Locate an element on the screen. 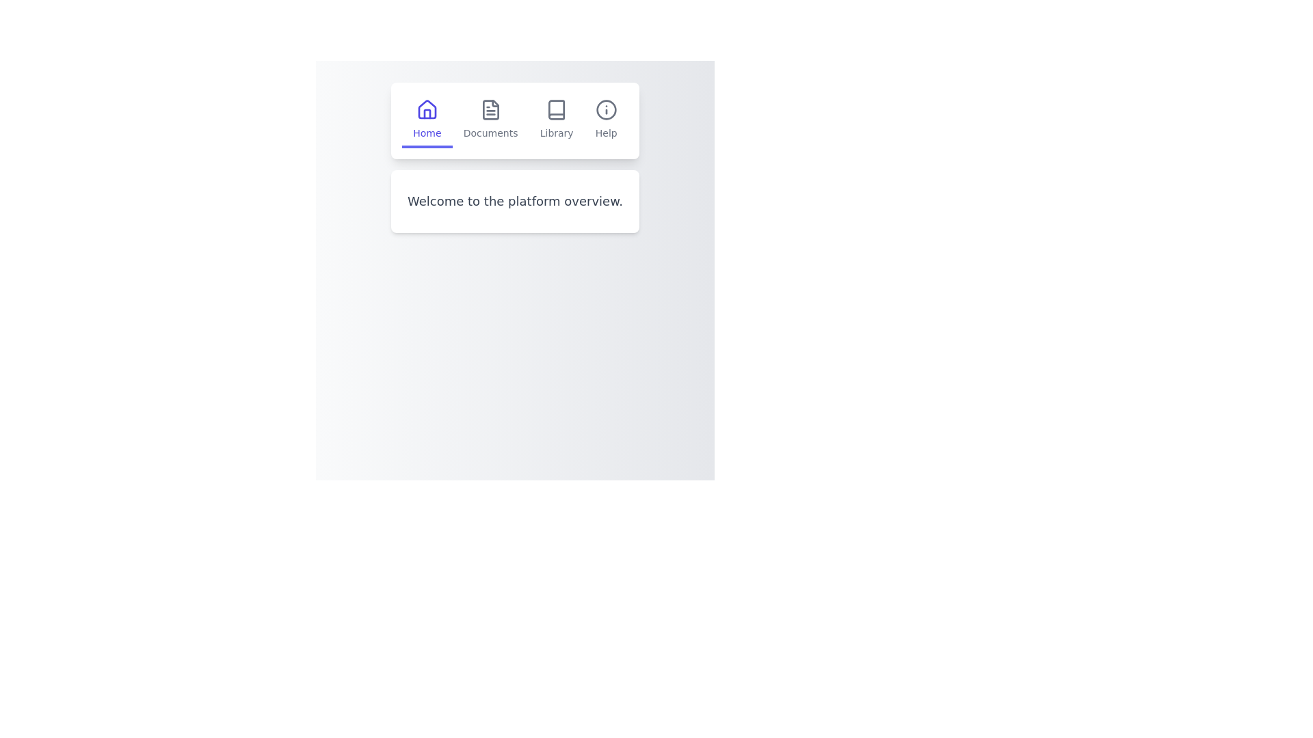 This screenshot has width=1313, height=738. the Home tab in the navigation bar is located at coordinates (426, 120).